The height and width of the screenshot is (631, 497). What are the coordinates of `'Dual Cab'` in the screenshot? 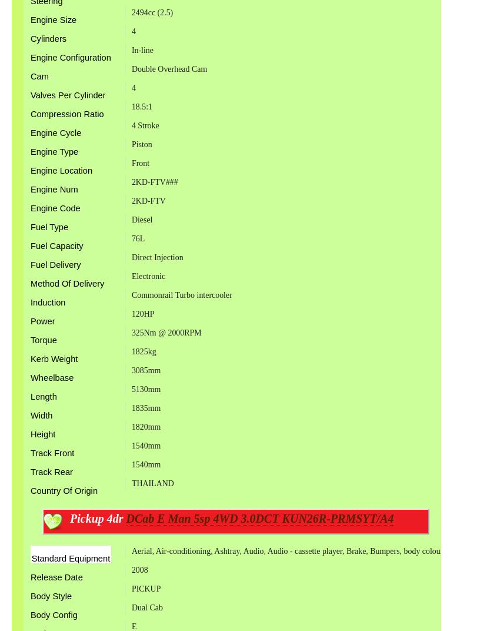 It's located at (130, 607).